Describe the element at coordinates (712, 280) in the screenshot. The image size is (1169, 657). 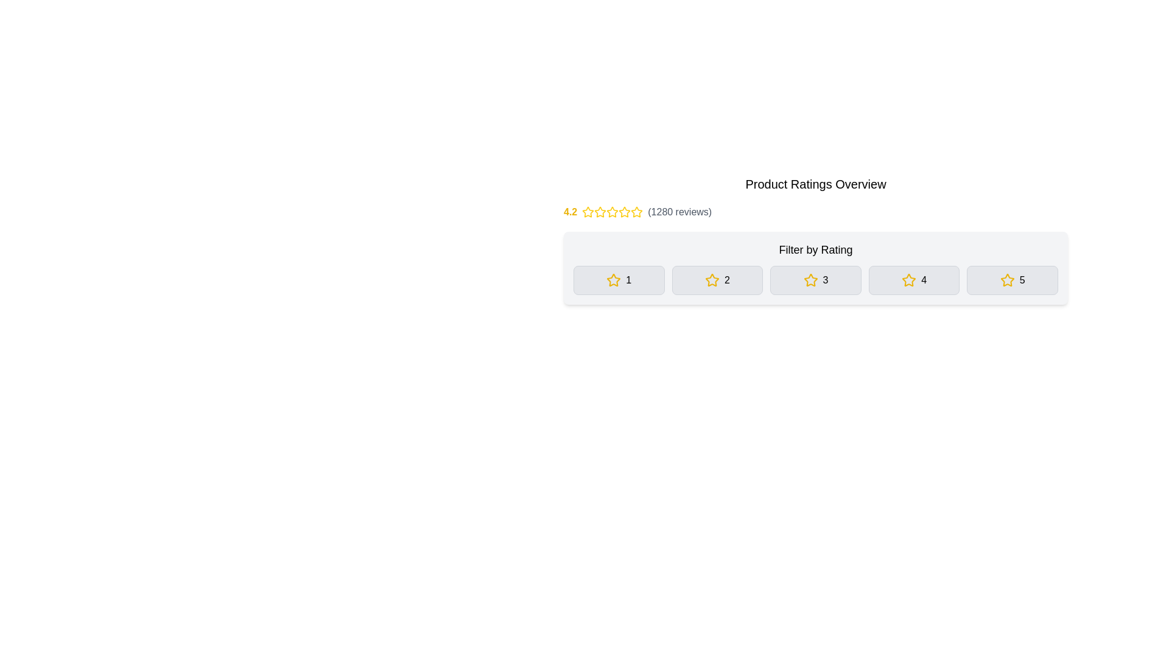
I see `the star icon indicating a rating score of '2' in the 'Filter by Rating' section` at that location.